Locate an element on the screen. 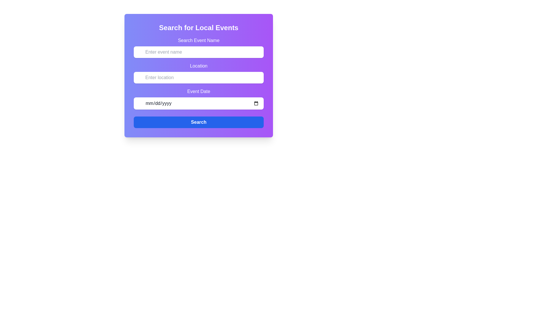  the search button located at the bottom of the form layout, which initiates the search action based on the user inputs for 'Search Event Name,' 'Location,' and 'Event Date.' is located at coordinates (199, 122).